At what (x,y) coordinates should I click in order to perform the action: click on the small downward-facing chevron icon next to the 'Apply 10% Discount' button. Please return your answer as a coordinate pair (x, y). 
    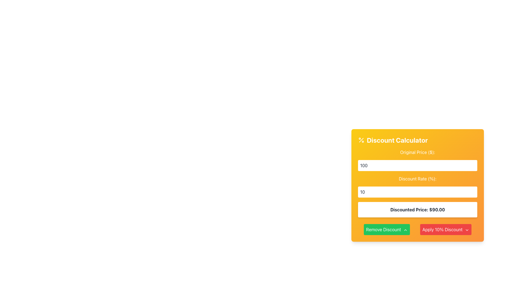
    Looking at the image, I should click on (467, 230).